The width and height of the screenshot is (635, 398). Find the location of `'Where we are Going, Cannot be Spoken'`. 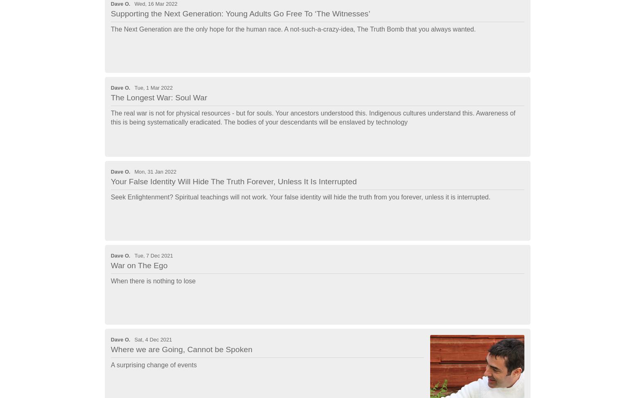

'Where we are Going, Cannot be Spoken' is located at coordinates (181, 349).